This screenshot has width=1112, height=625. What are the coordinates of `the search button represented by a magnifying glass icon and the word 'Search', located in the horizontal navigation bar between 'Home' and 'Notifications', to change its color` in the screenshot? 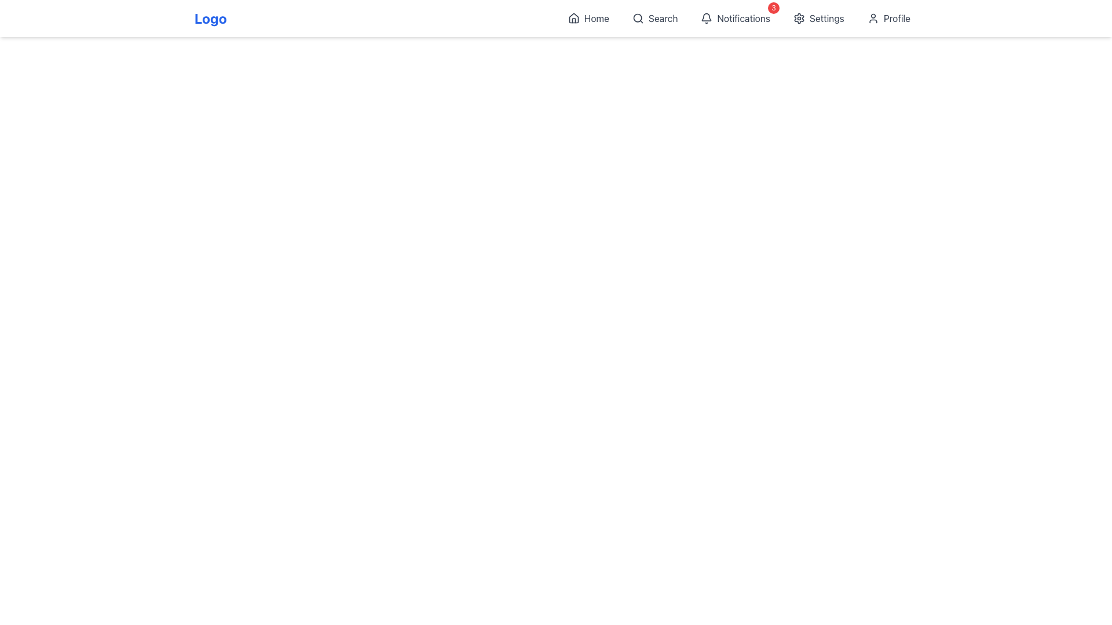 It's located at (655, 18).